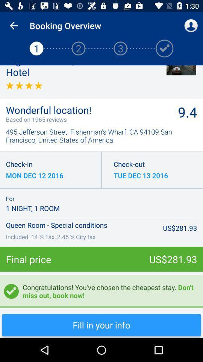 Image resolution: width=203 pixels, height=362 pixels. Describe the element at coordinates (181, 70) in the screenshot. I see `the app to the right of argonaut hotel a item` at that location.